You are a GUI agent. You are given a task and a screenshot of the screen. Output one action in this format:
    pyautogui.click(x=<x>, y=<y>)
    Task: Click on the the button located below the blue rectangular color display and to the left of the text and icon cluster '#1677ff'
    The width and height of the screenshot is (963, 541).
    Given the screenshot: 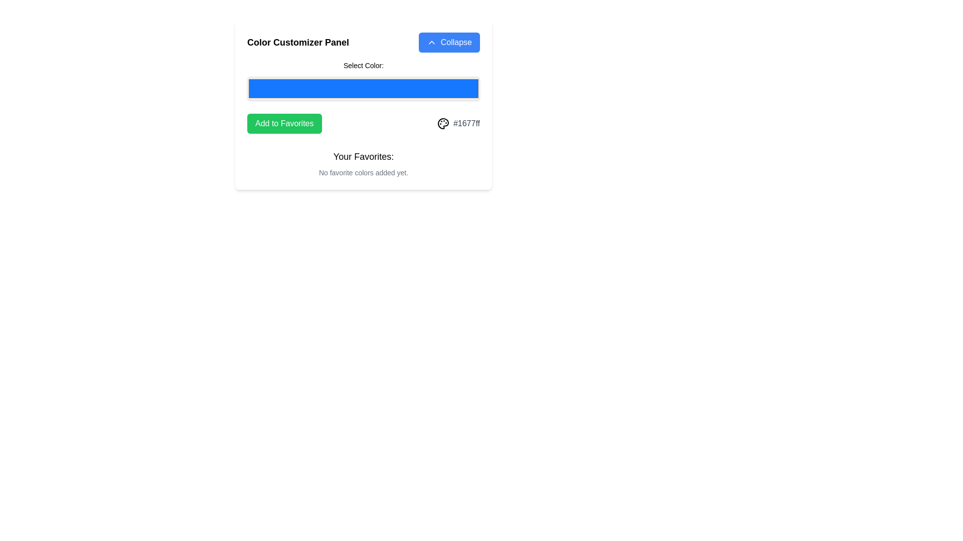 What is the action you would take?
    pyautogui.click(x=284, y=123)
    